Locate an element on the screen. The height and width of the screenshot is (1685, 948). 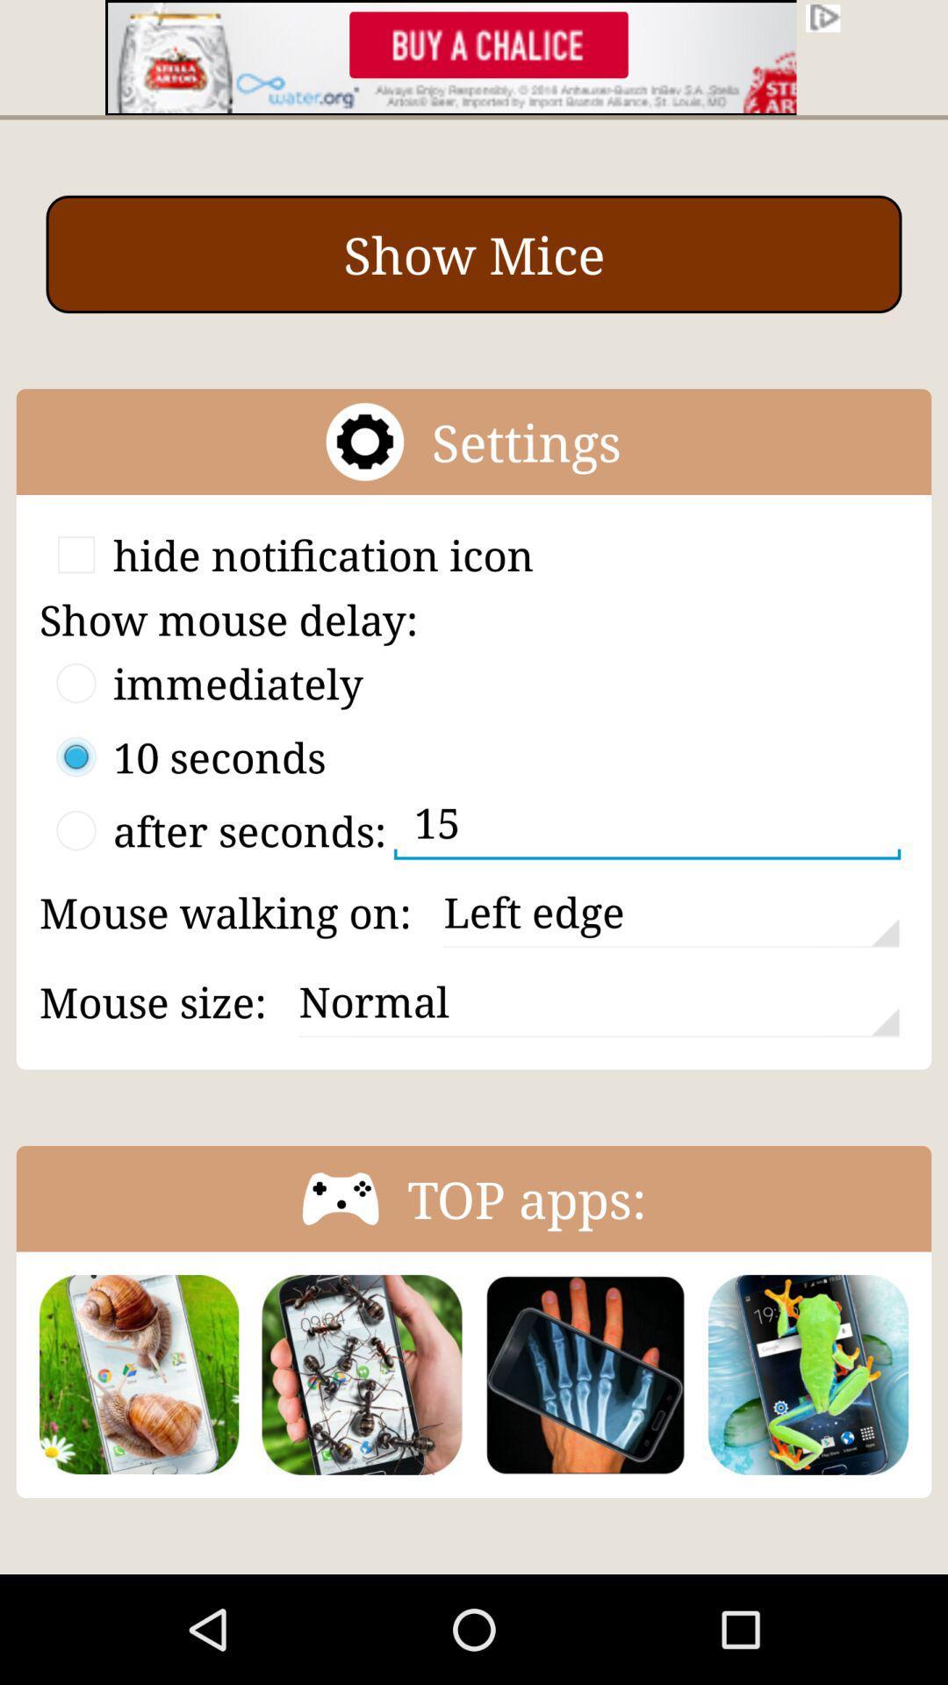
advertisement is located at coordinates (474, 57).